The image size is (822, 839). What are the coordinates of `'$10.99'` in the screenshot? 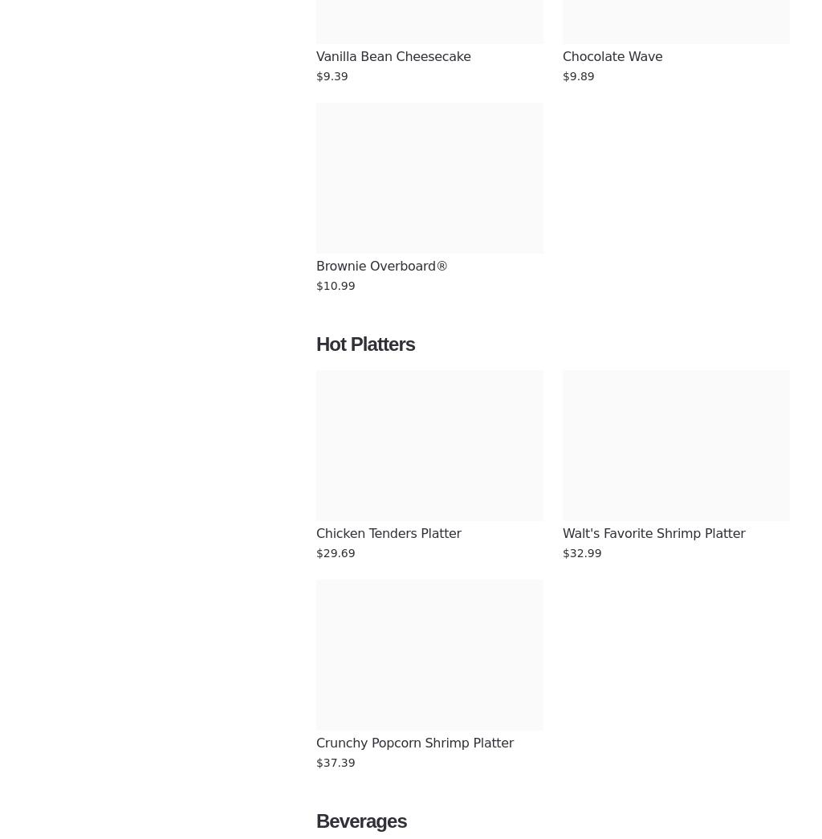 It's located at (334, 285).